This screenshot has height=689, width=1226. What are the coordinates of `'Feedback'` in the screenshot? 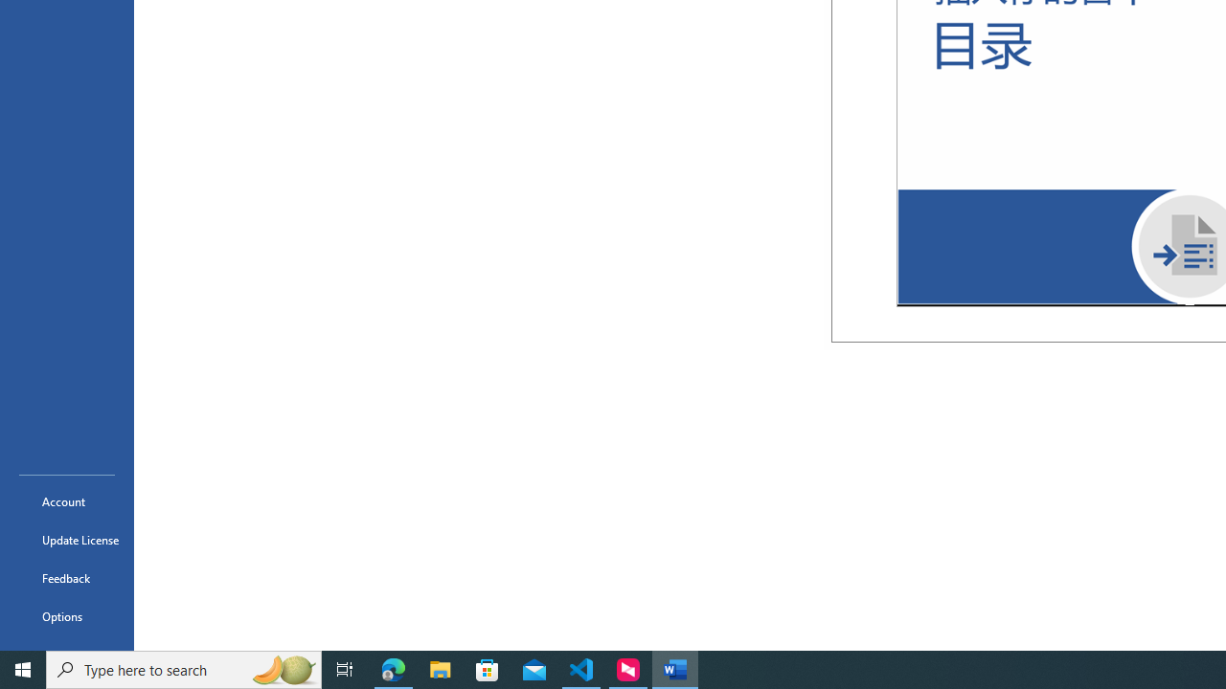 It's located at (66, 577).